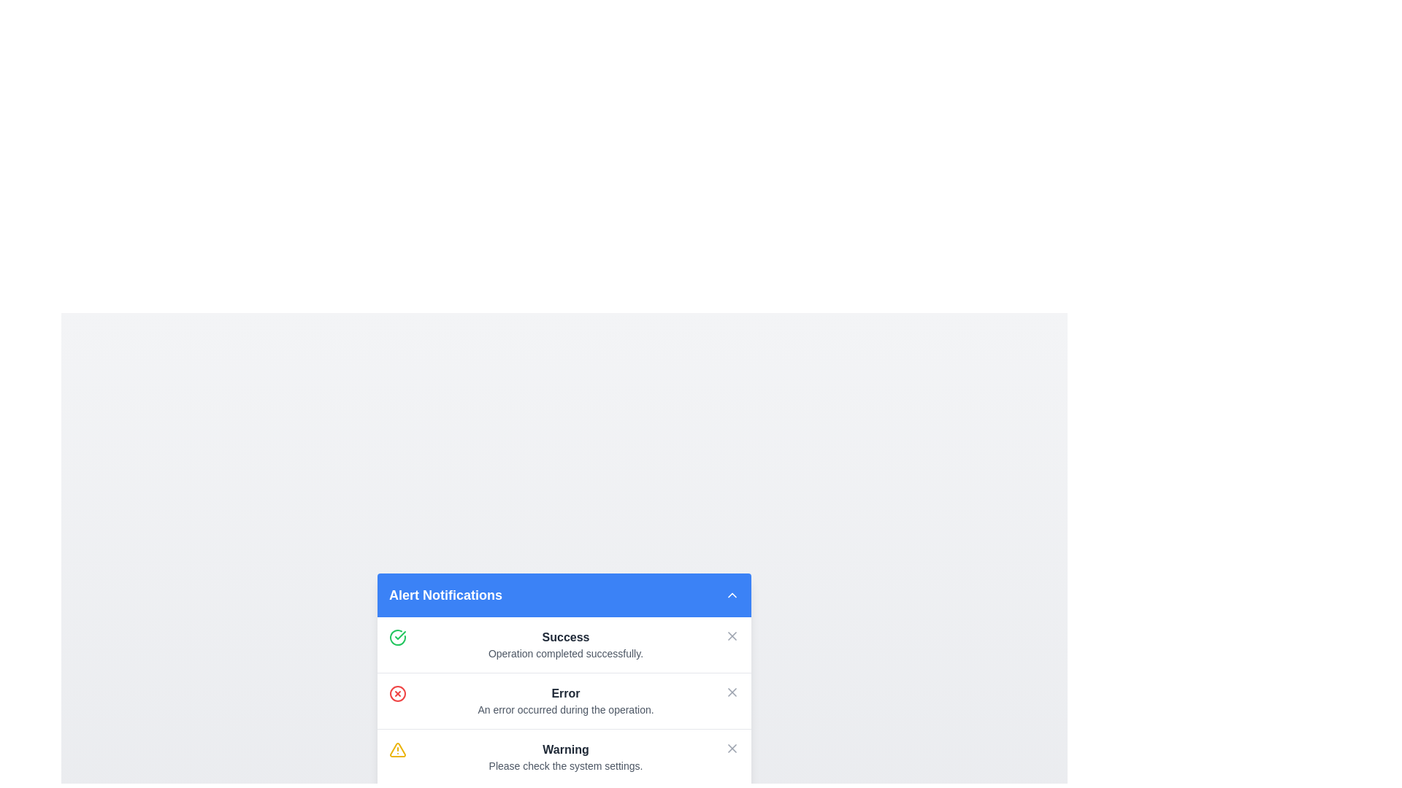  I want to click on the icon that indicates an action to close or dismiss the associated notification message, located to the right of the 'Error' label in the 'Alert Notifications' panel, in the third row of messages, so click(732, 691).